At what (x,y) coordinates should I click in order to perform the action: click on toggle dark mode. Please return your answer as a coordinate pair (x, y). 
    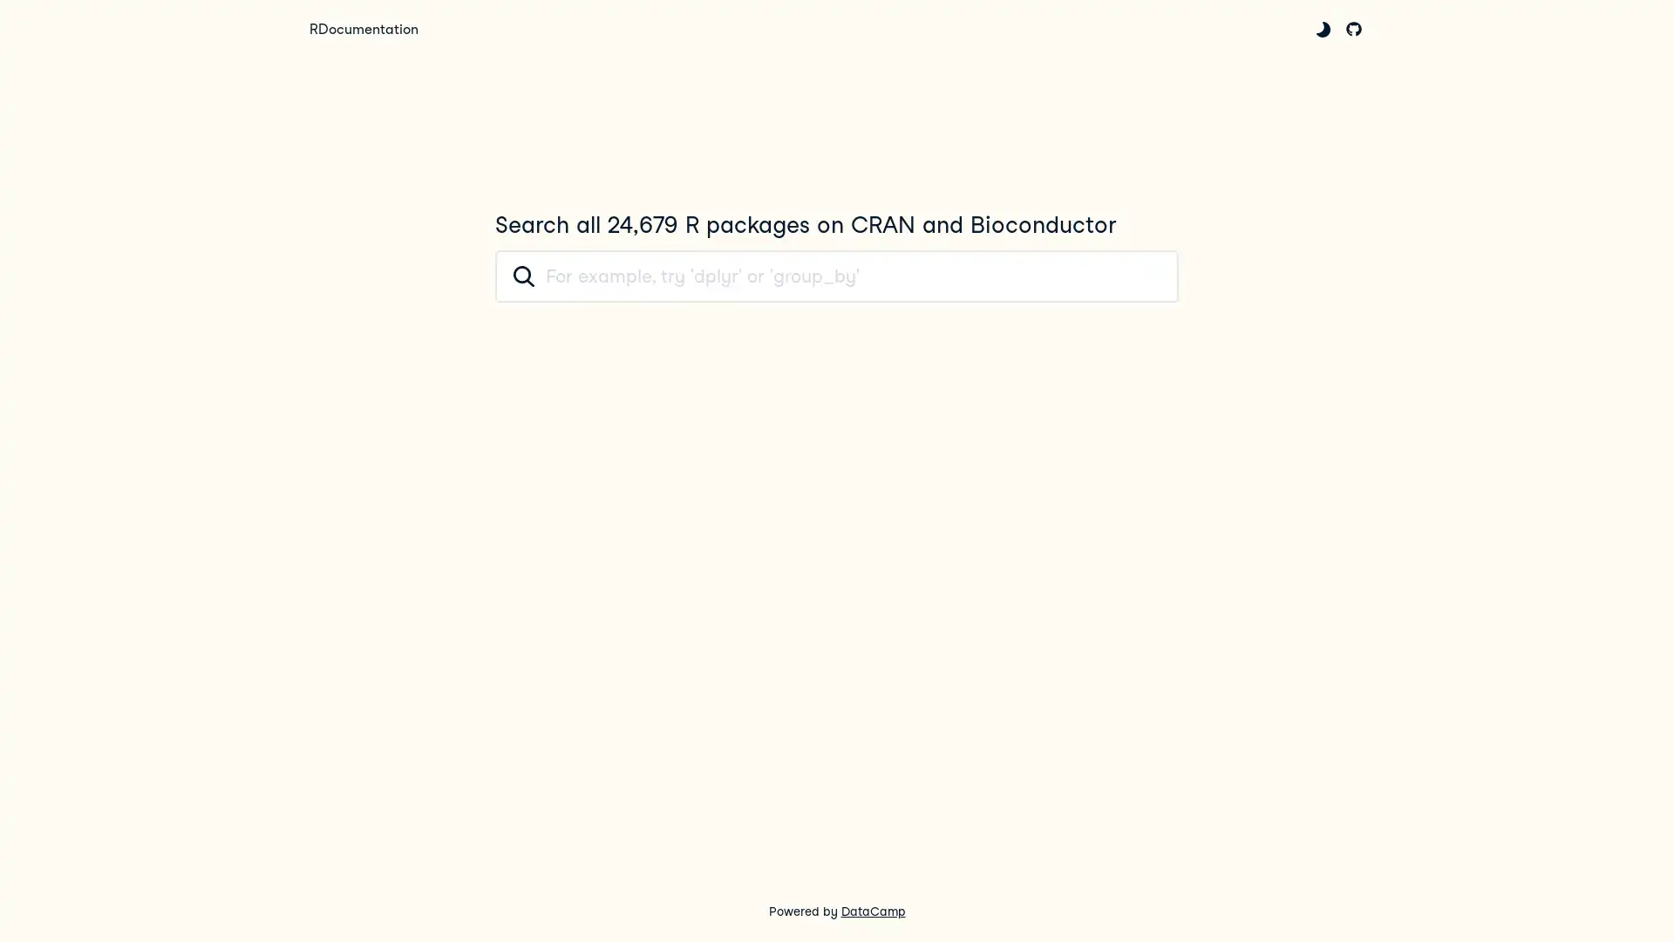
    Looking at the image, I should click on (1323, 29).